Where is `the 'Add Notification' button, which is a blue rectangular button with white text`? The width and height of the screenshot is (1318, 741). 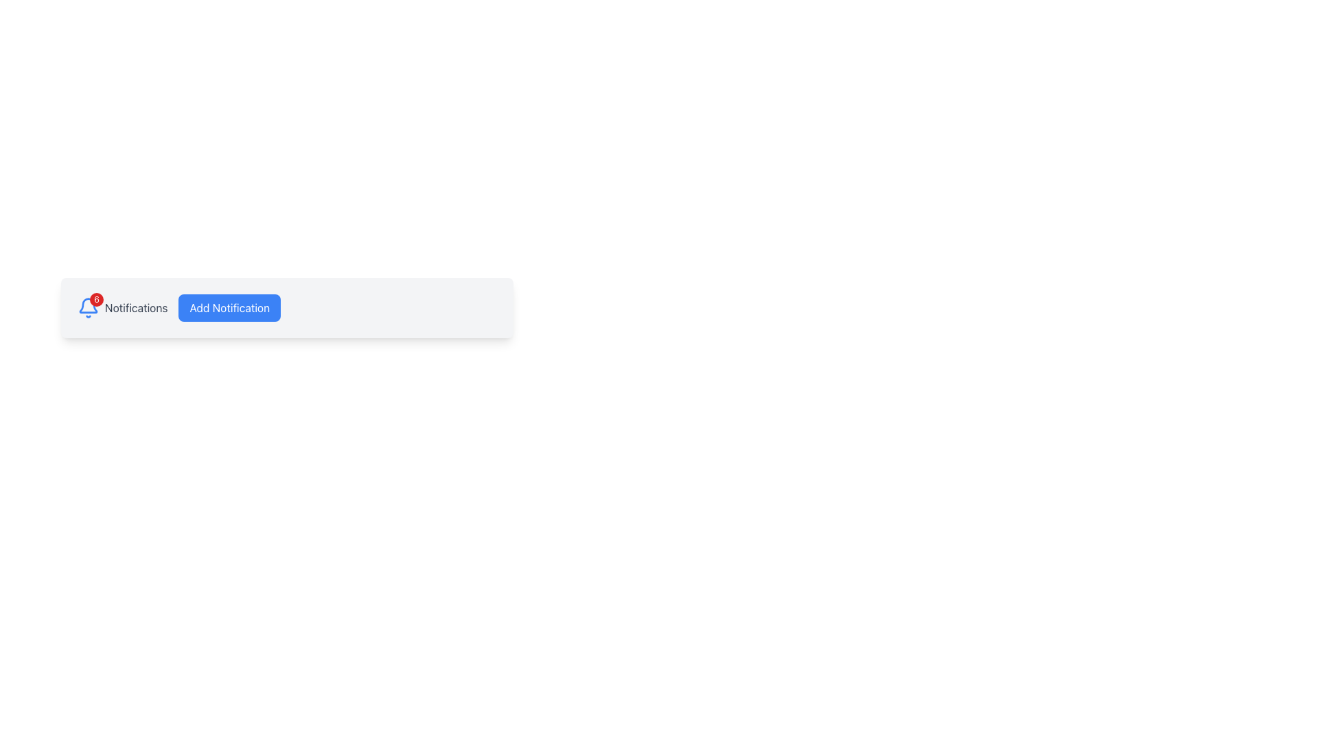
the 'Add Notification' button, which is a blue rectangular button with white text is located at coordinates (229, 307).